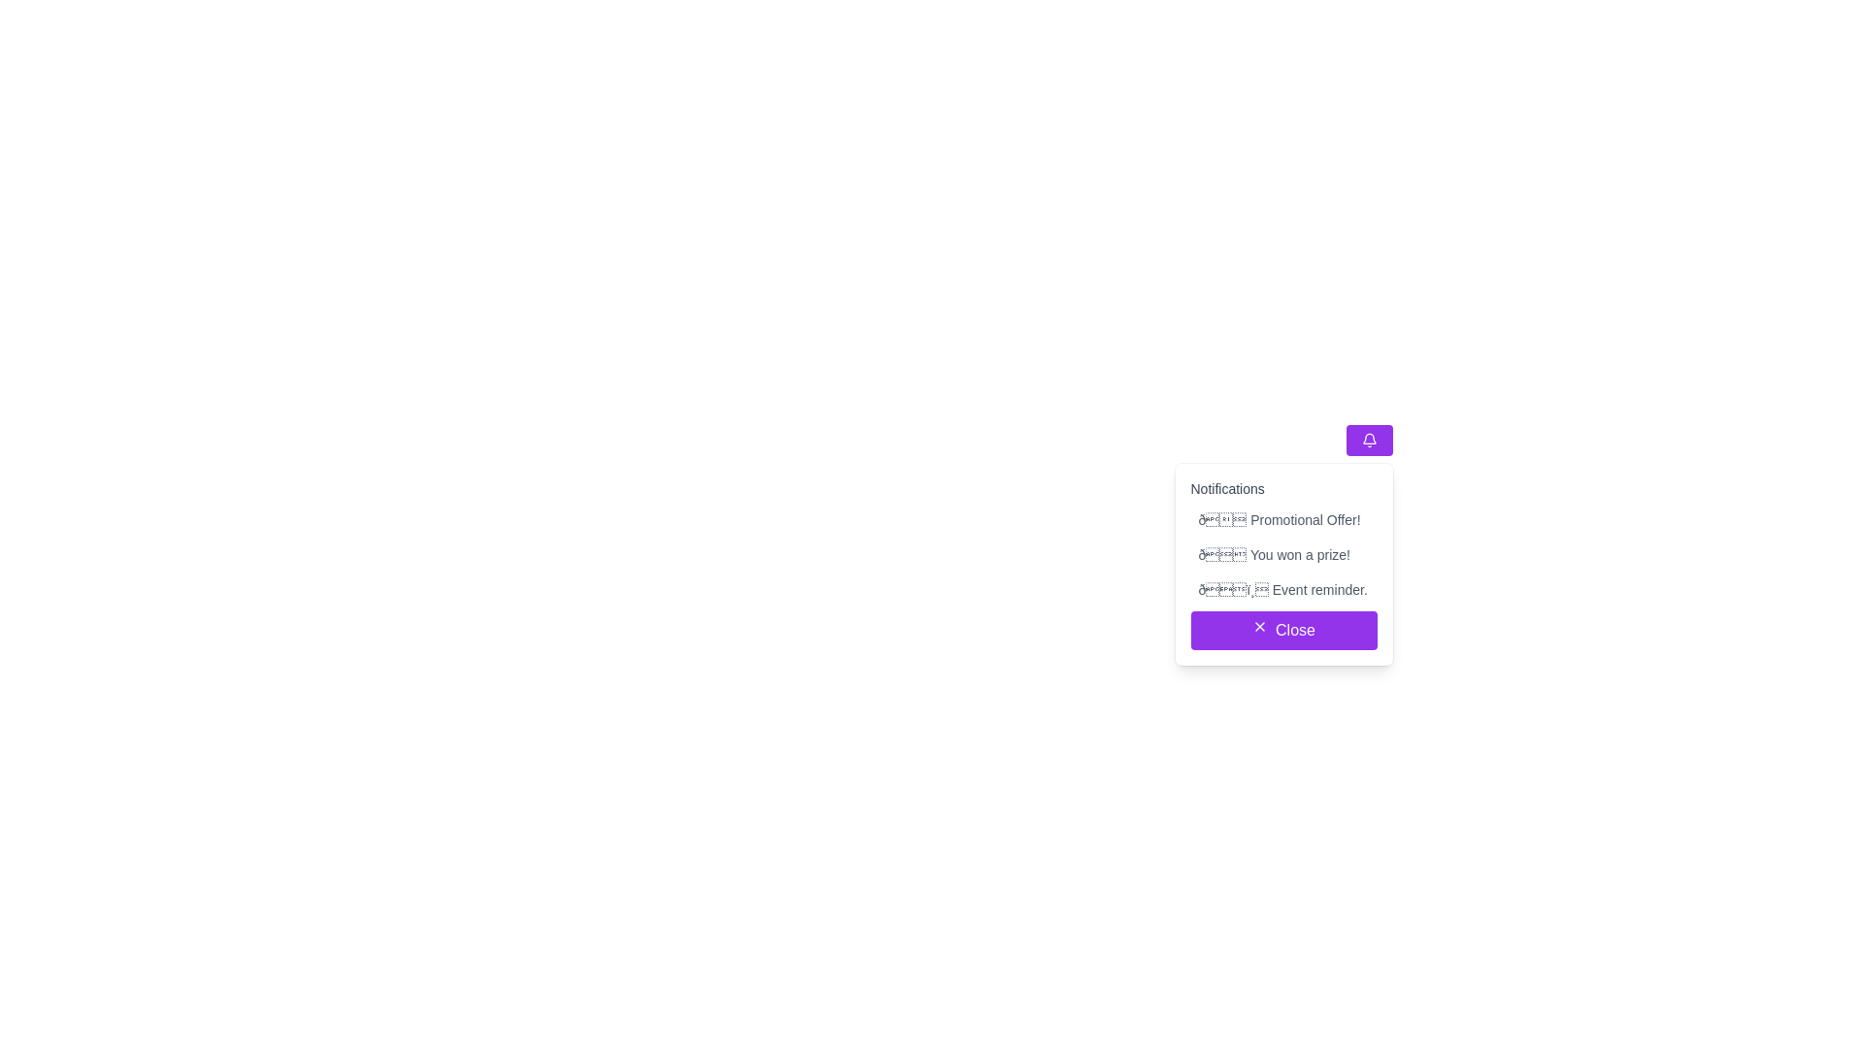 The height and width of the screenshot is (1048, 1864). I want to click on the close button located at the bottom of the dropdown menu, so click(1283, 631).